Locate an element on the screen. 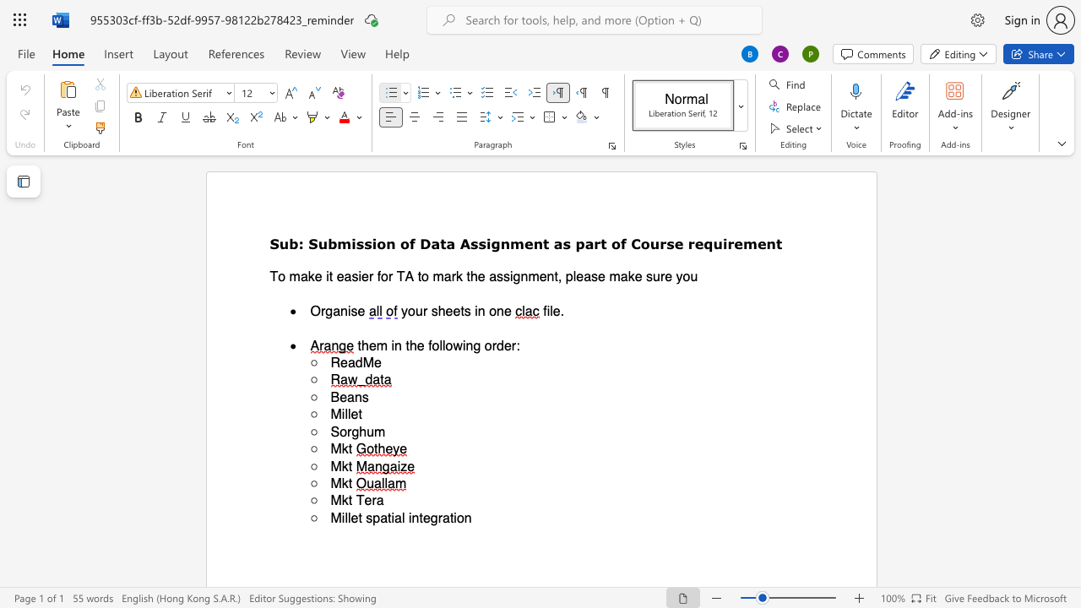 This screenshot has width=1081, height=608. the space between the continuous character "e" and "g" in the text is located at coordinates (430, 517).